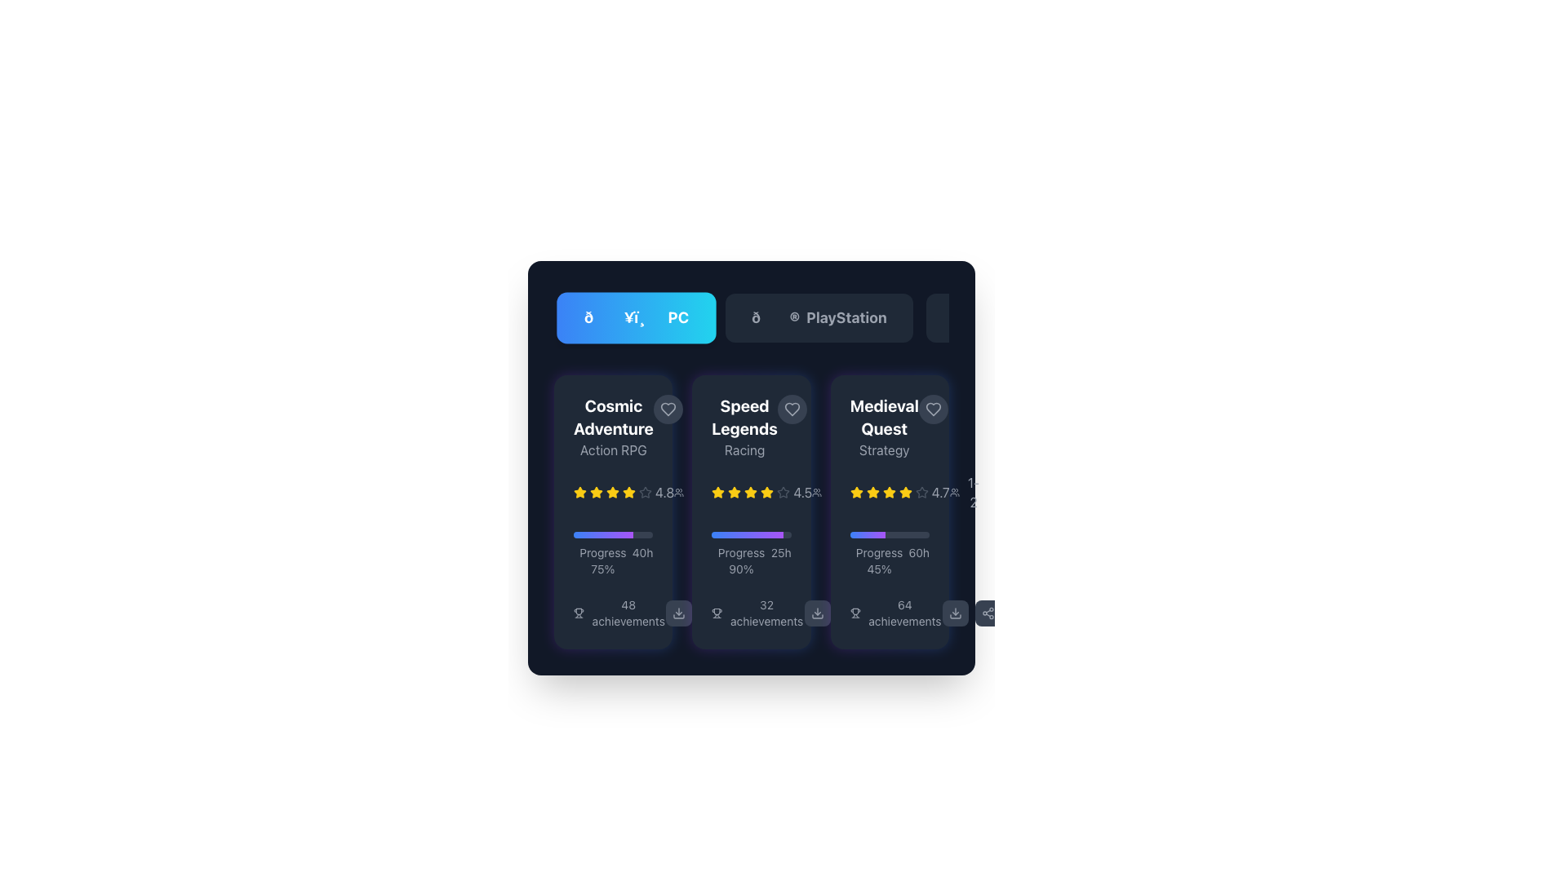  Describe the element at coordinates (740, 560) in the screenshot. I see `the text label displaying 'Progress 90%' located in the lower-left section of the 'Speed Legends' card, which is styled in soft gray against a dark background` at that location.